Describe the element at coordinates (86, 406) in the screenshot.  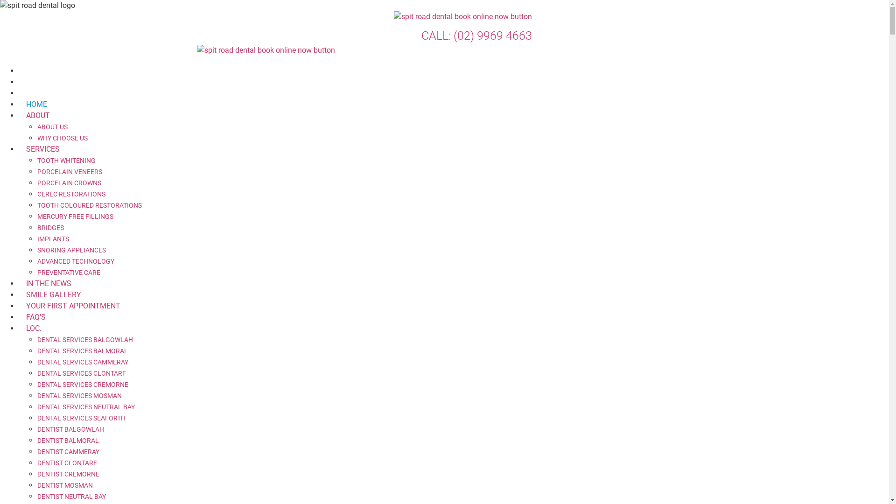
I see `'DENTAL SERVICES NEUTRAL BAY'` at that location.